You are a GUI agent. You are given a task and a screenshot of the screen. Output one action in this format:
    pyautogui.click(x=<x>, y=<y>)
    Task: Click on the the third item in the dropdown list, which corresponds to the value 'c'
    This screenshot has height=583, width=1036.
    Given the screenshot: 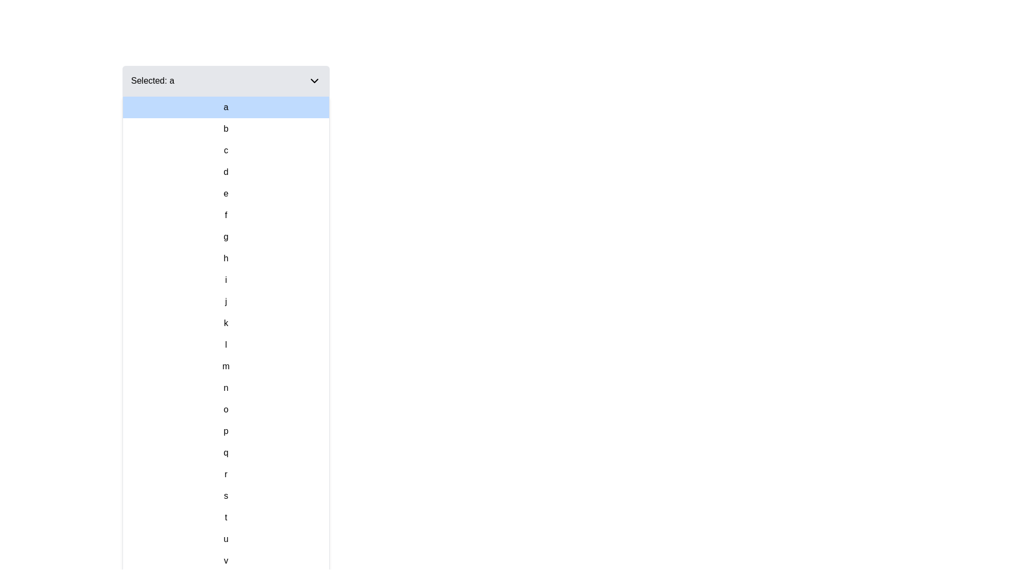 What is the action you would take?
    pyautogui.click(x=225, y=150)
    